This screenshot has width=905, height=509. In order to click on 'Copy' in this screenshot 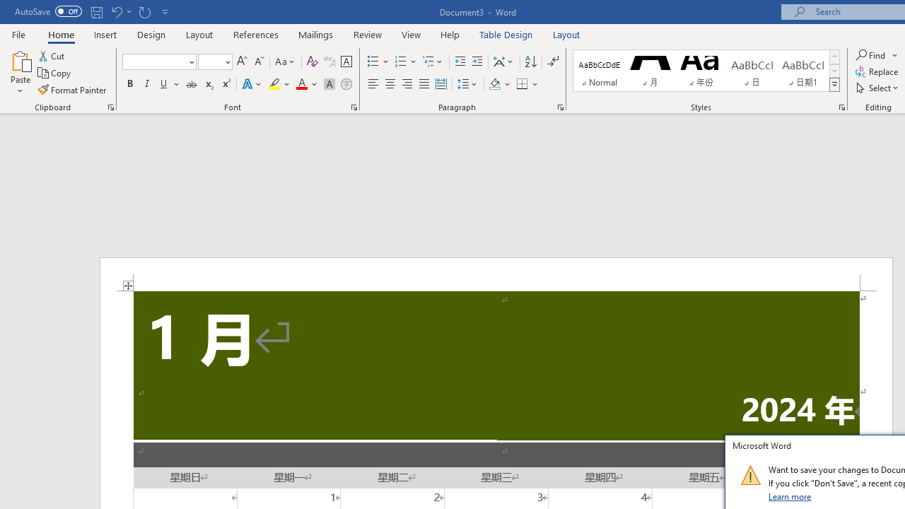, I will do `click(55, 73)`.